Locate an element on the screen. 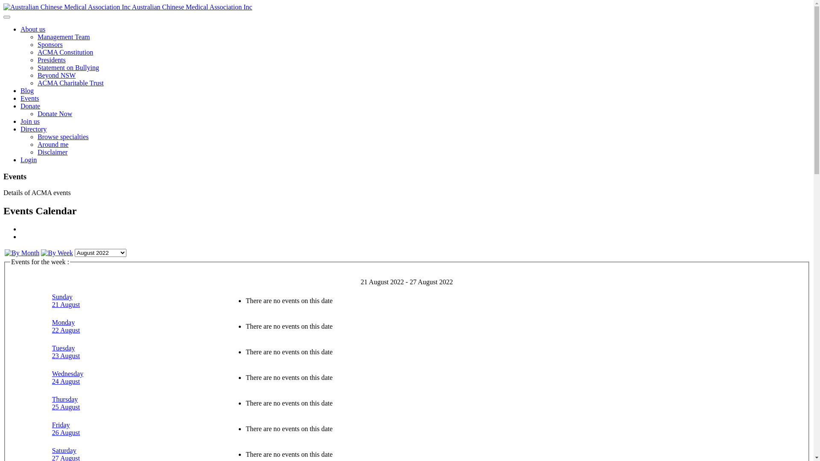 This screenshot has height=461, width=820. 'By Week' is located at coordinates (56, 252).